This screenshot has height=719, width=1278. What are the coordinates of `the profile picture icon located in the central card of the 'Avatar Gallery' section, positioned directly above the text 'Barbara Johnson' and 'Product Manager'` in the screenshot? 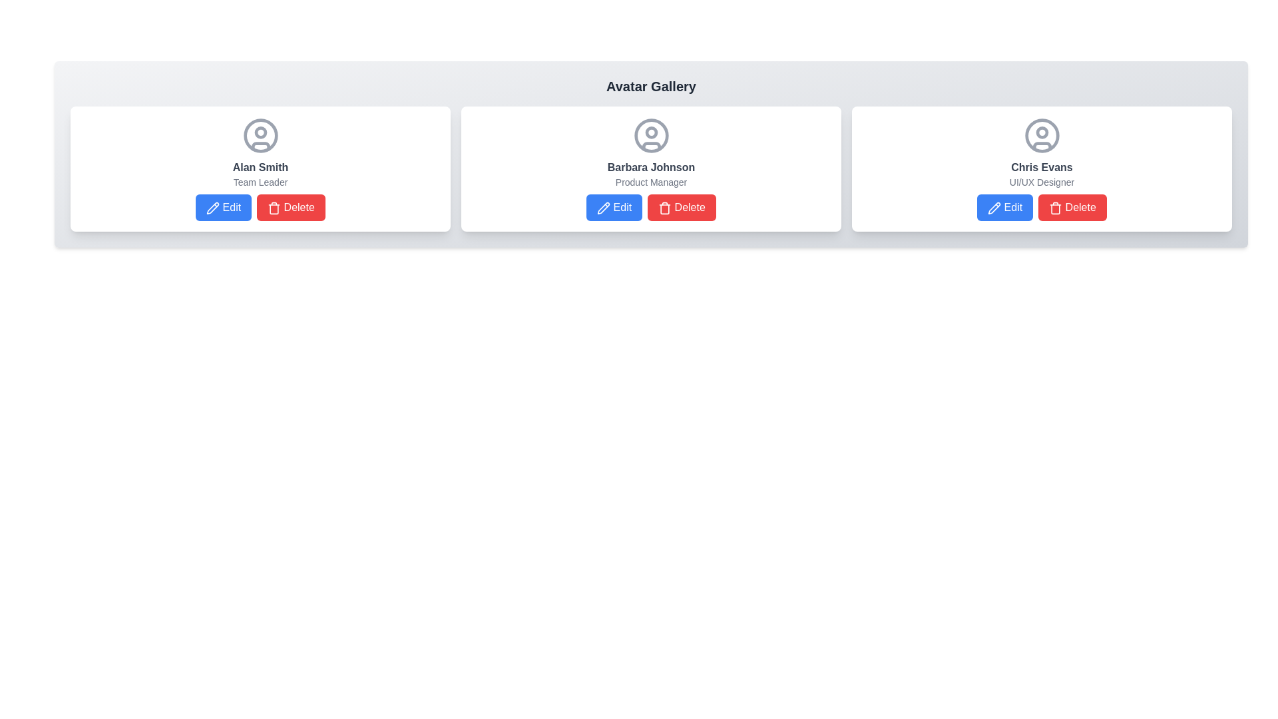 It's located at (651, 136).